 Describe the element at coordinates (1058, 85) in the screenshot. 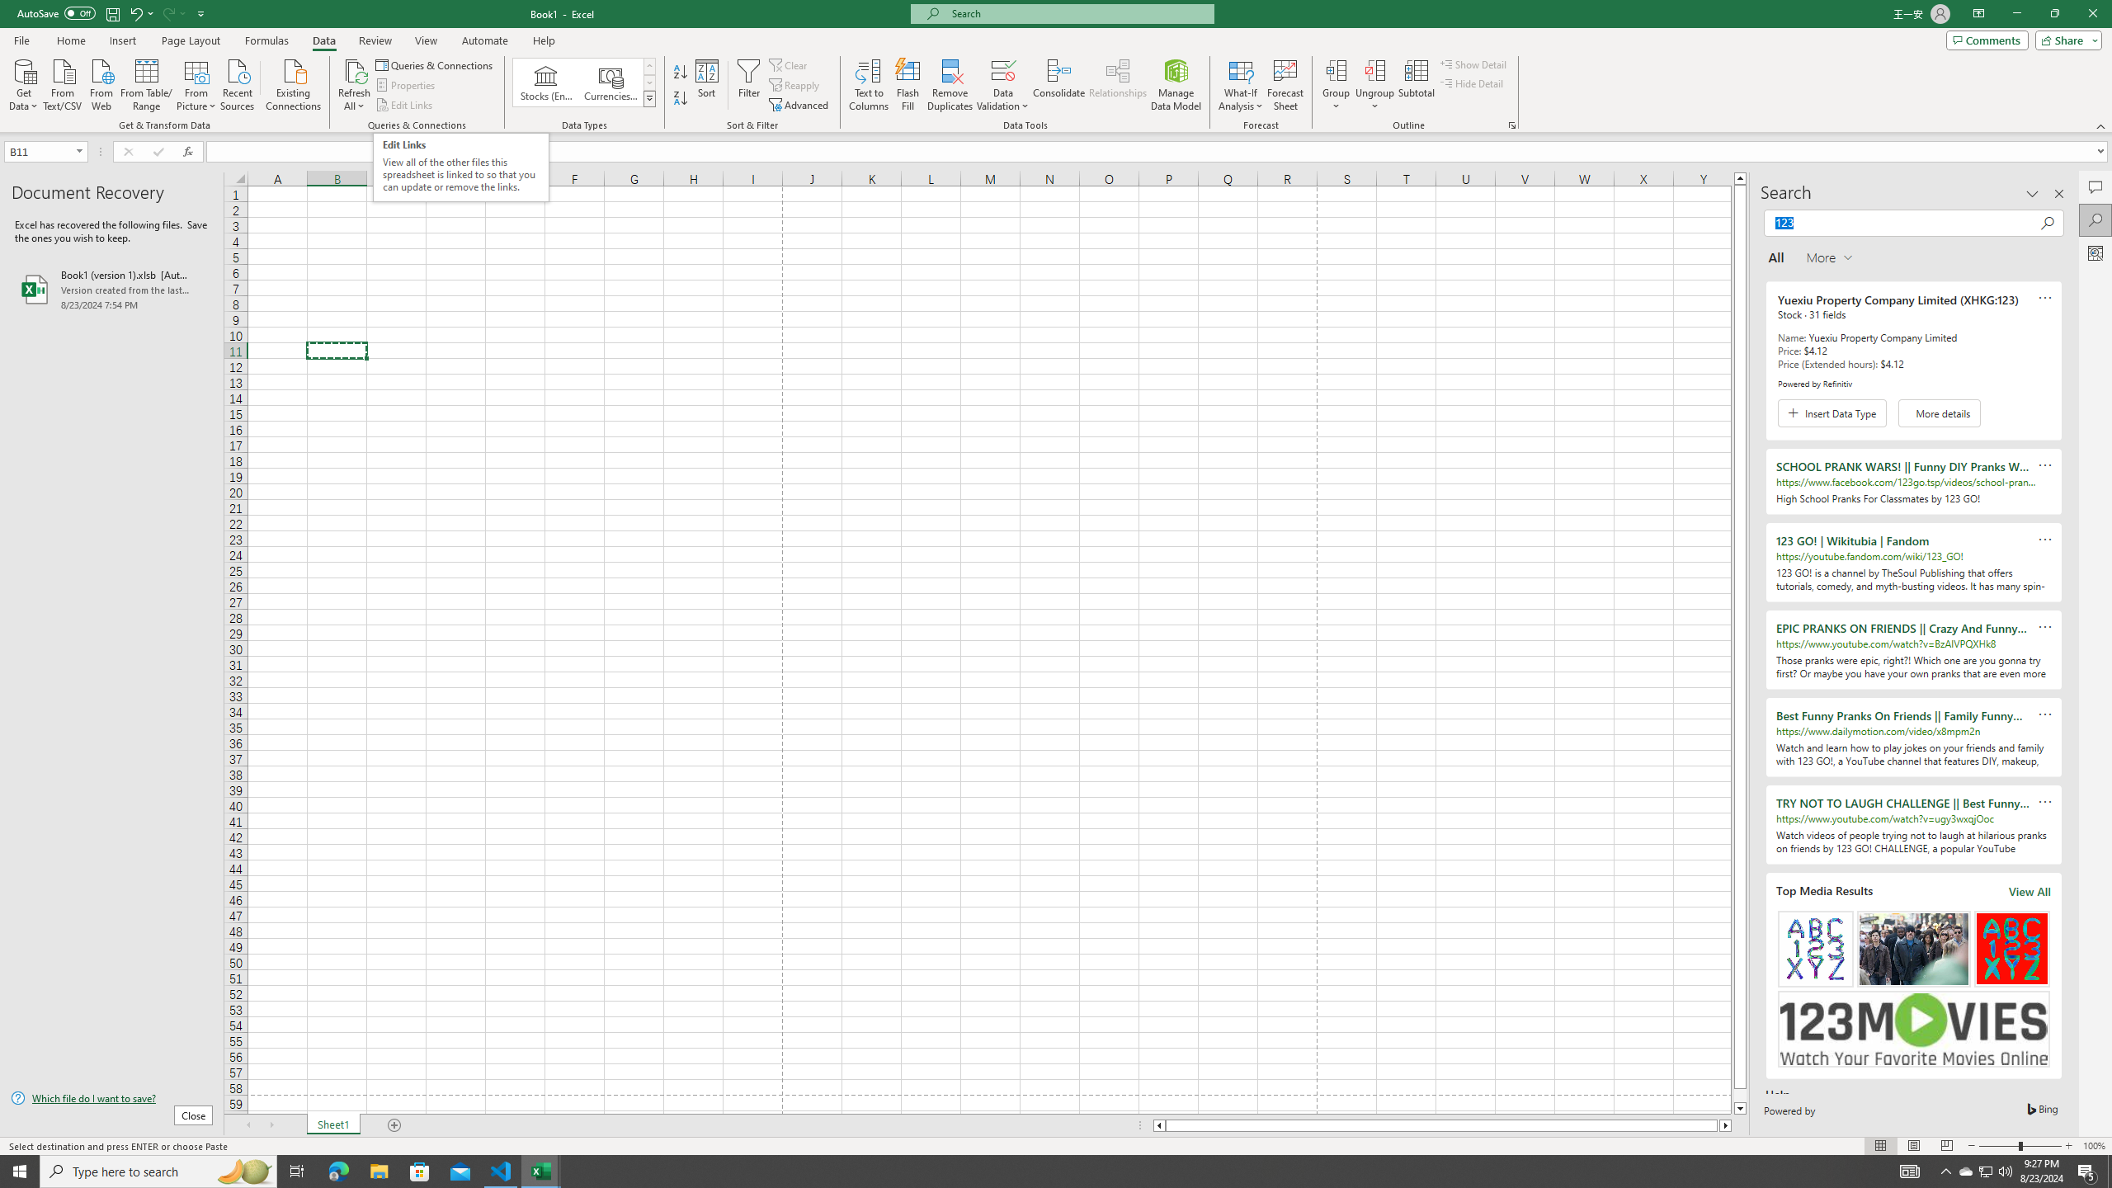

I see `'Consolidate...'` at that location.